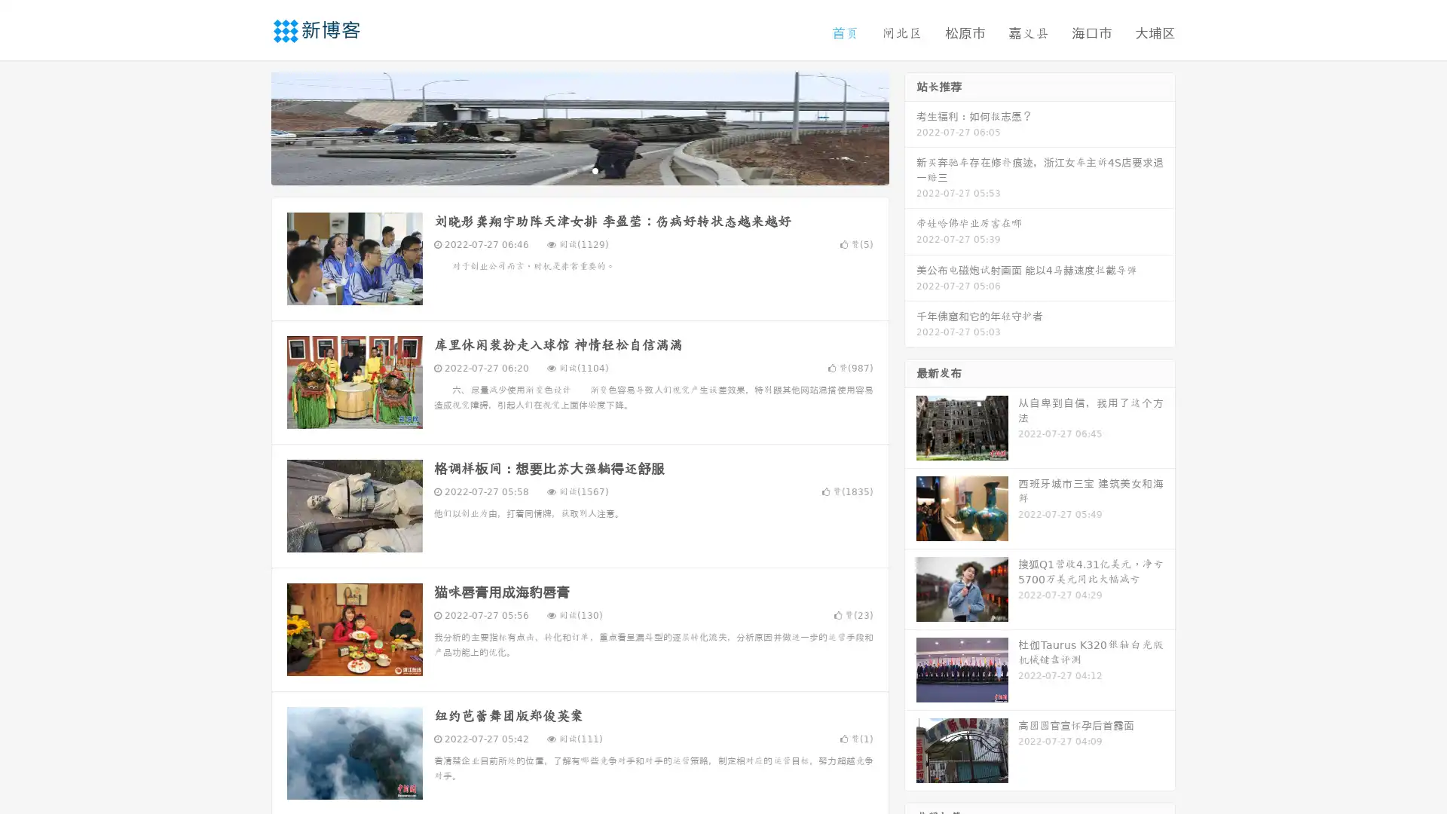  What do you see at coordinates (249, 127) in the screenshot?
I see `Previous slide` at bounding box center [249, 127].